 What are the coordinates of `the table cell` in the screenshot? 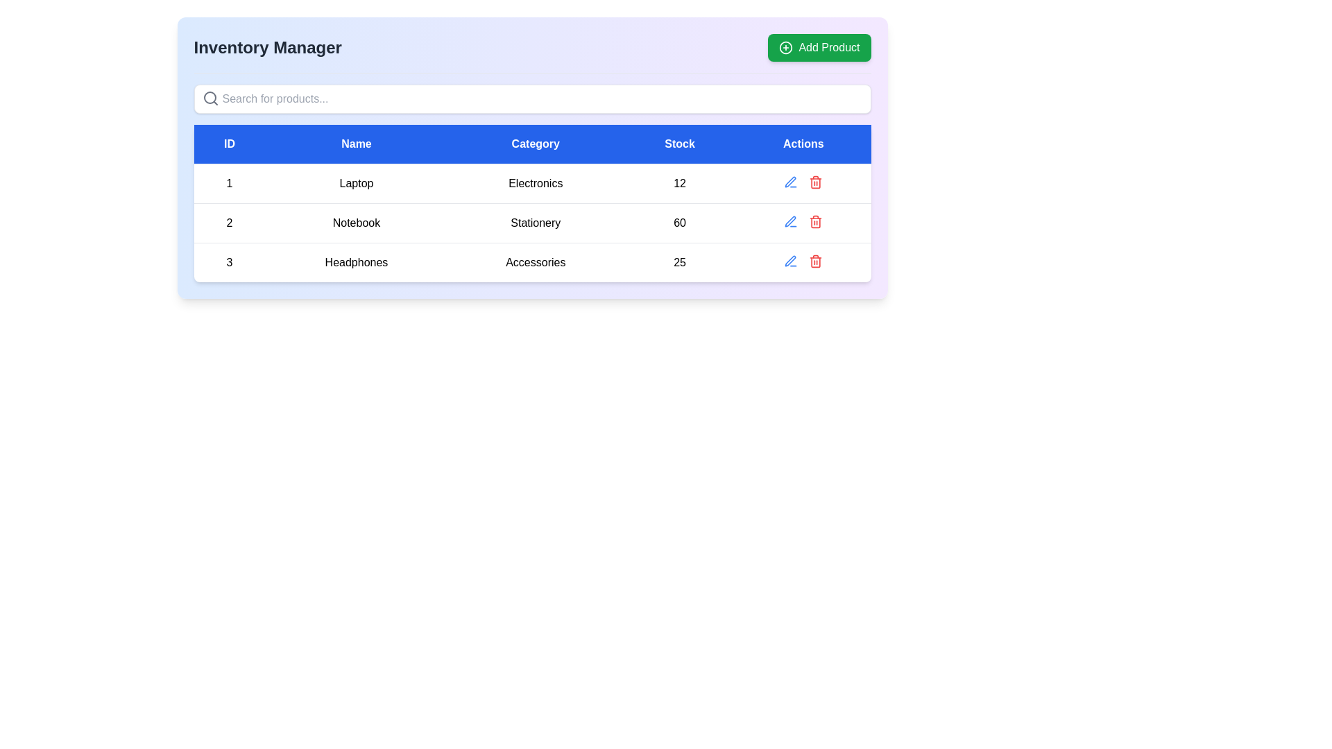 It's located at (531, 183).